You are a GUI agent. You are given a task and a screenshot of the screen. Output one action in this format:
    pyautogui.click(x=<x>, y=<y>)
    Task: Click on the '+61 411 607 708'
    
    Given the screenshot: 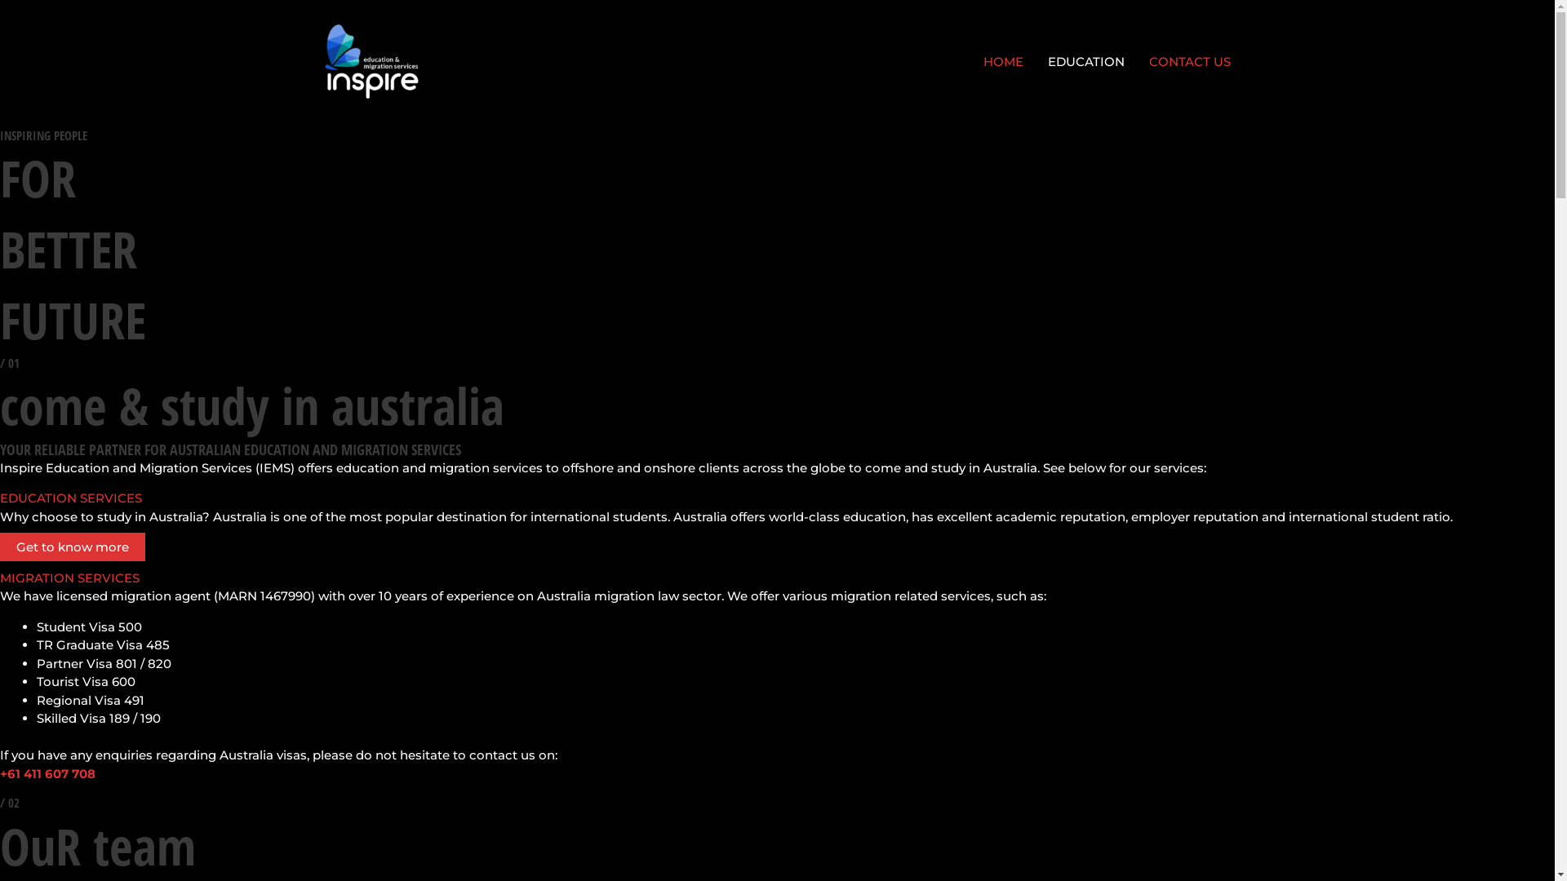 What is the action you would take?
    pyautogui.click(x=47, y=773)
    